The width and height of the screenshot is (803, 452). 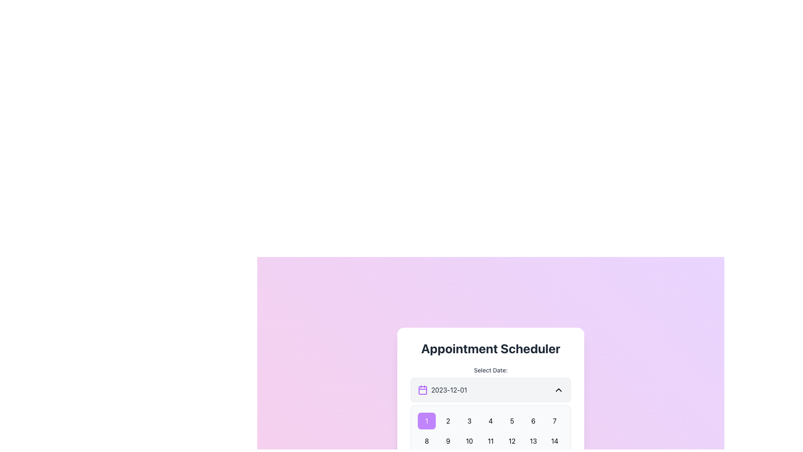 I want to click on the upward-pointing chevron SVG icon located at the right side of the date '2023-12-01', so click(x=558, y=390).